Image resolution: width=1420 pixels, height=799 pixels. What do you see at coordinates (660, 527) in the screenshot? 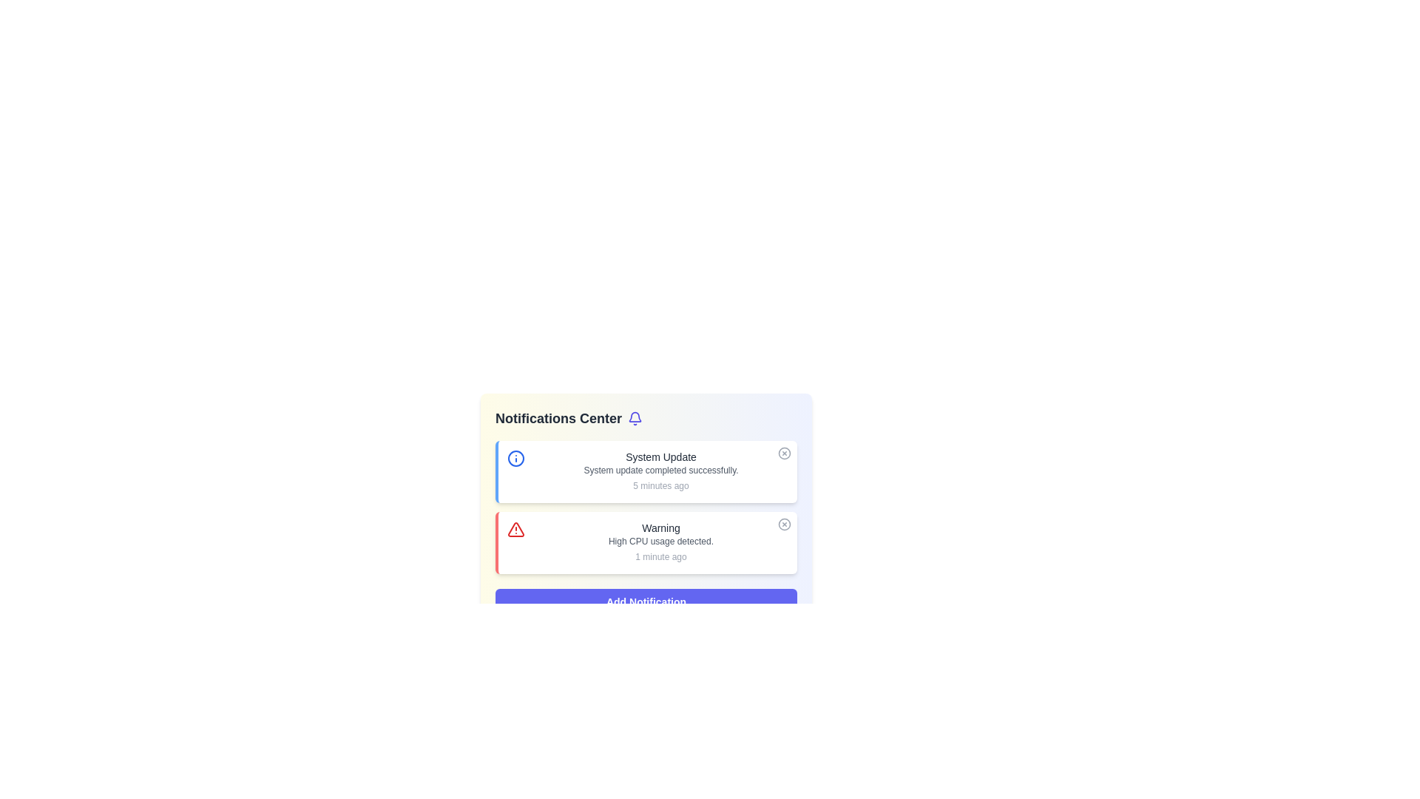
I see `the 'Warning' text label located at the top-left corner of the notification entry in the notification center` at bounding box center [660, 527].